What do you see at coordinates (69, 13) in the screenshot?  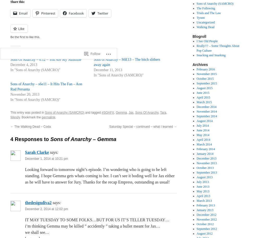 I see `'Facebook'` at bounding box center [69, 13].